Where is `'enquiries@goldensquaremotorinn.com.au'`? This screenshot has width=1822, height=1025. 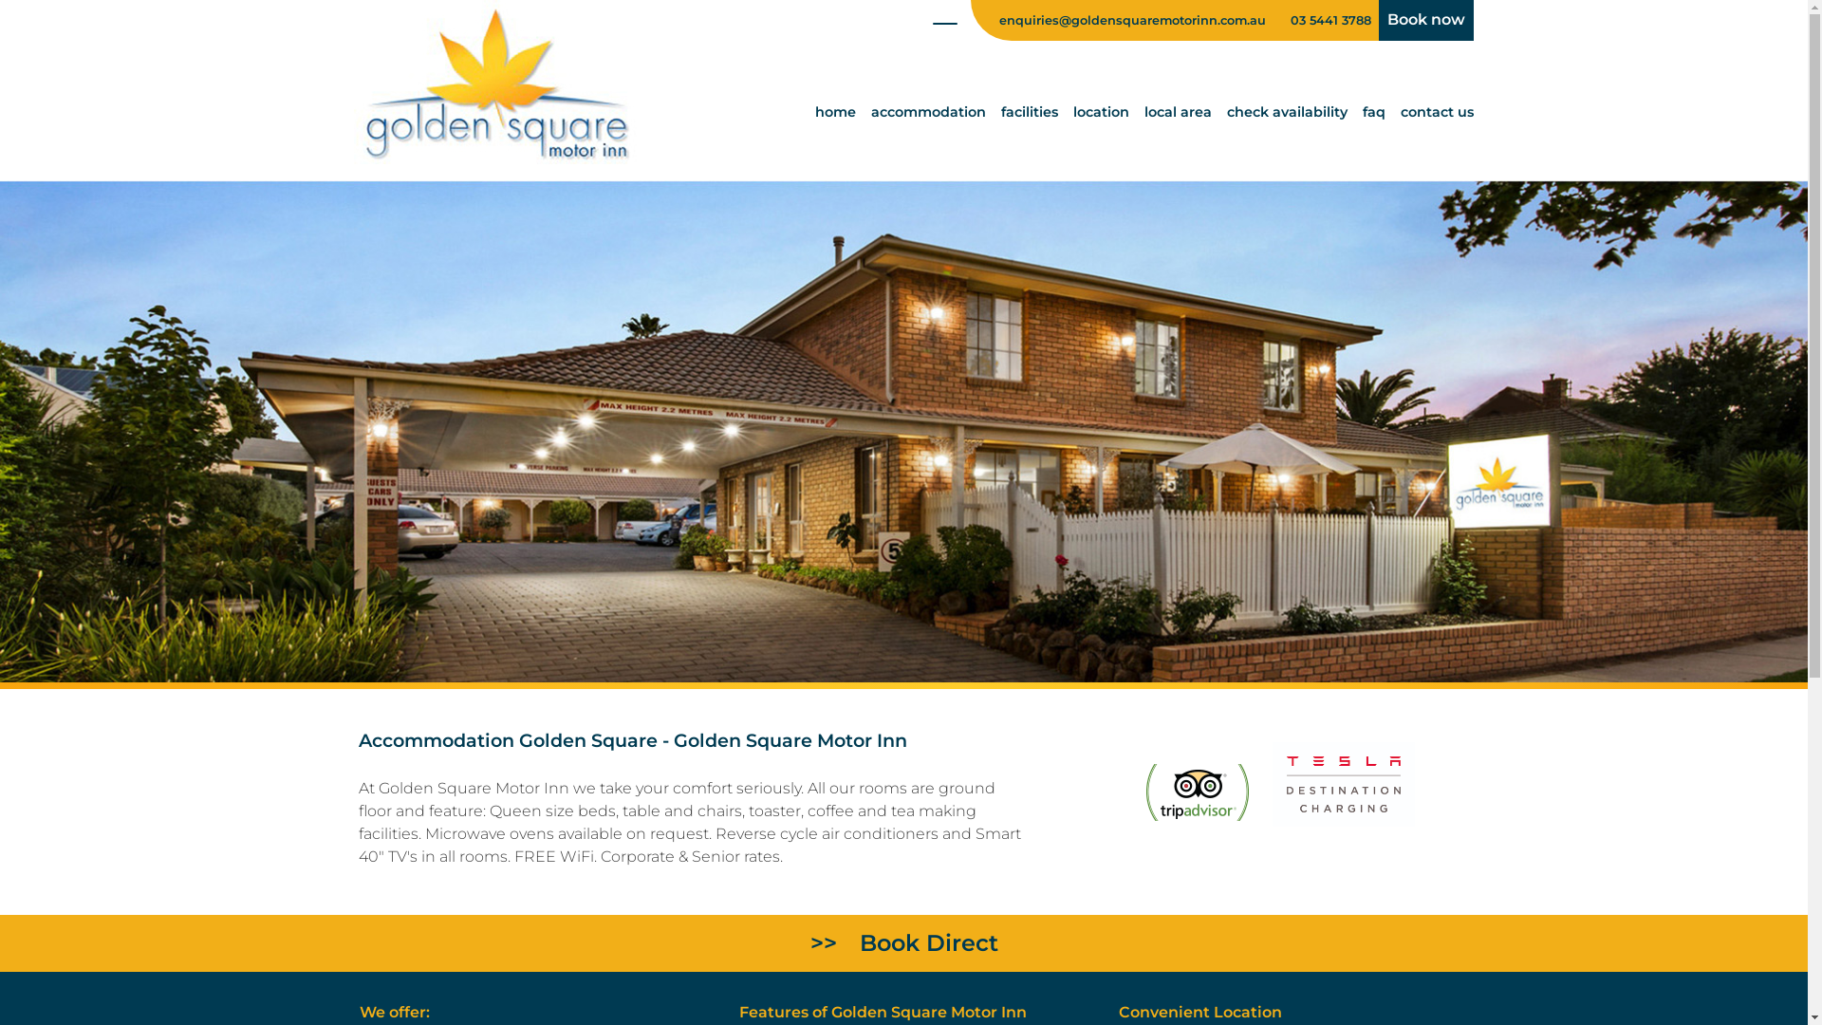
'enquiries@goldensquaremotorinn.com.au' is located at coordinates (1123, 20).